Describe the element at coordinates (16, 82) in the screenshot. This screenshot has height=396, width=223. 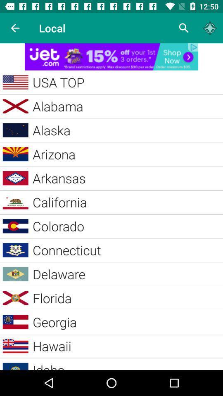
I see `the symbol beside usa top` at that location.